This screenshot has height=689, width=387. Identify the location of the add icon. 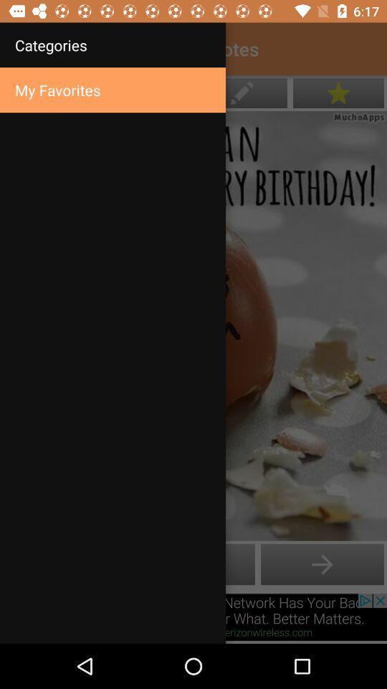
(322, 564).